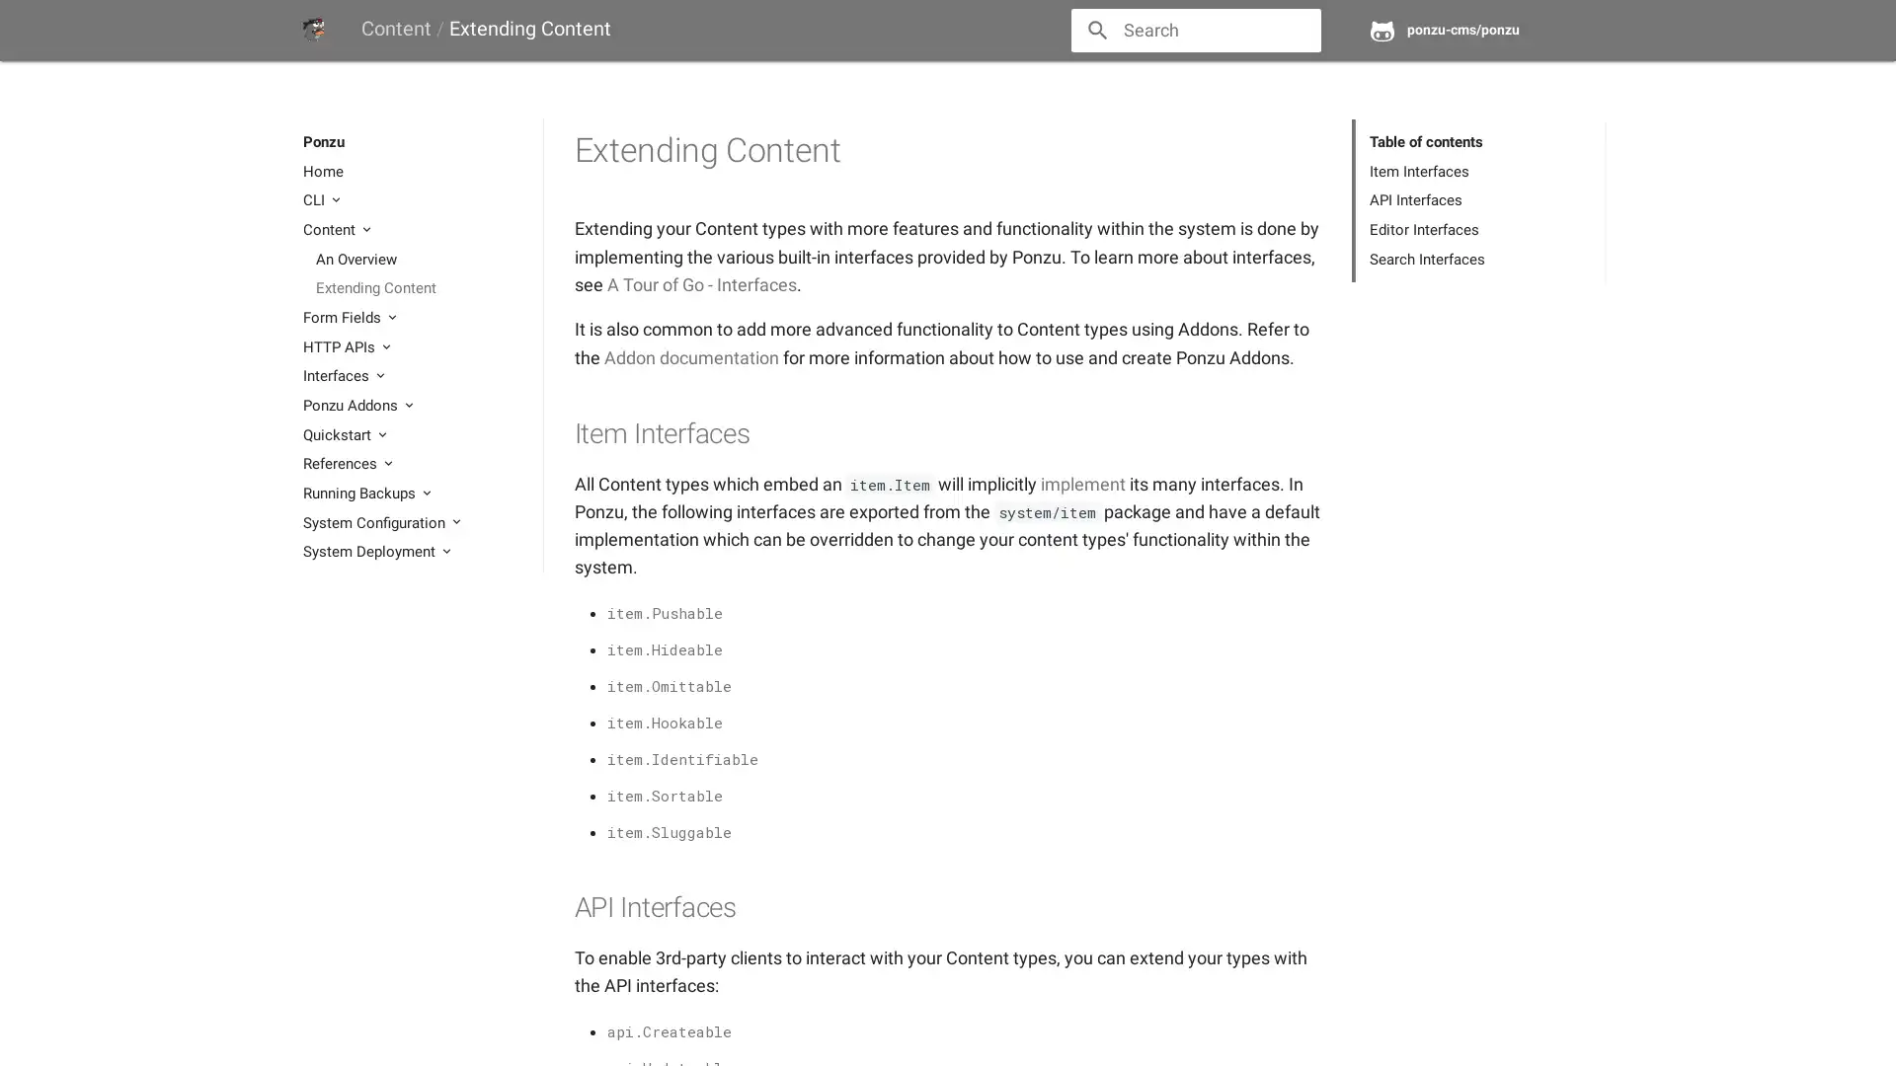 The width and height of the screenshot is (1896, 1066). What do you see at coordinates (1295, 30) in the screenshot?
I see `close` at bounding box center [1295, 30].